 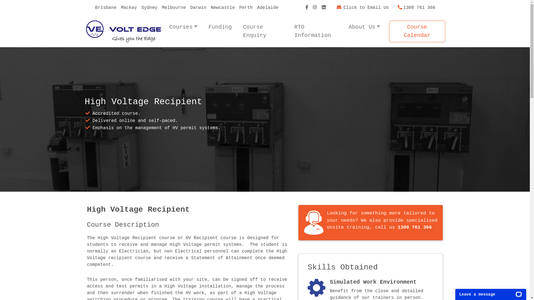 What do you see at coordinates (129, 7) in the screenshot?
I see `'Mackay'` at bounding box center [129, 7].